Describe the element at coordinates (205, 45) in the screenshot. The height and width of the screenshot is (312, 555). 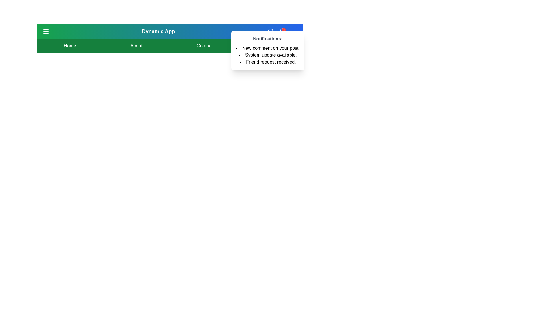
I see `the Contact menu item to navigate to the corresponding section` at that location.